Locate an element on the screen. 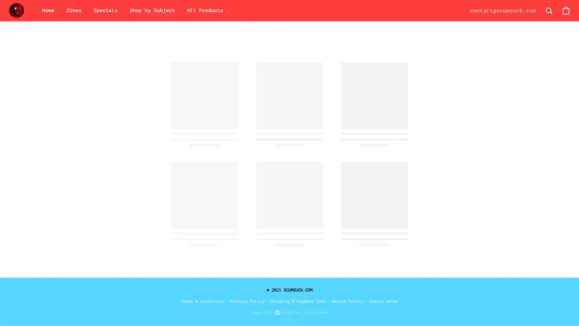 This screenshot has width=579, height=326. Accept Only Essential Cookies is located at coordinates (494, 215).